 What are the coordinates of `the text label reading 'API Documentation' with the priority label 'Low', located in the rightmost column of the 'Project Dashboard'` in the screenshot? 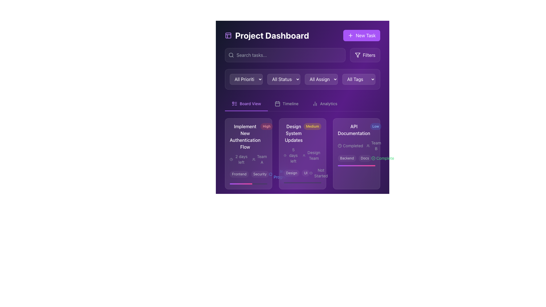 It's located at (356, 130).